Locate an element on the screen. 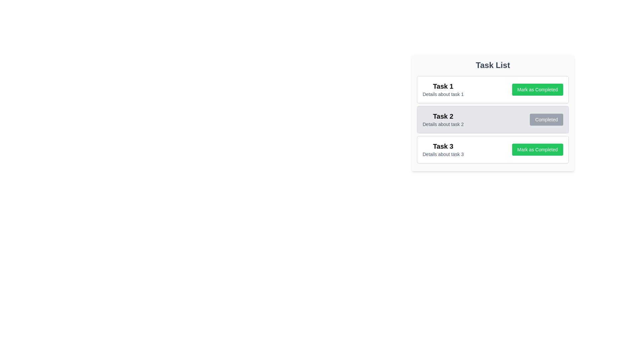  the bold text element displaying 'Task 2', which is prominently positioned as a header in the task list interface is located at coordinates (443, 116).